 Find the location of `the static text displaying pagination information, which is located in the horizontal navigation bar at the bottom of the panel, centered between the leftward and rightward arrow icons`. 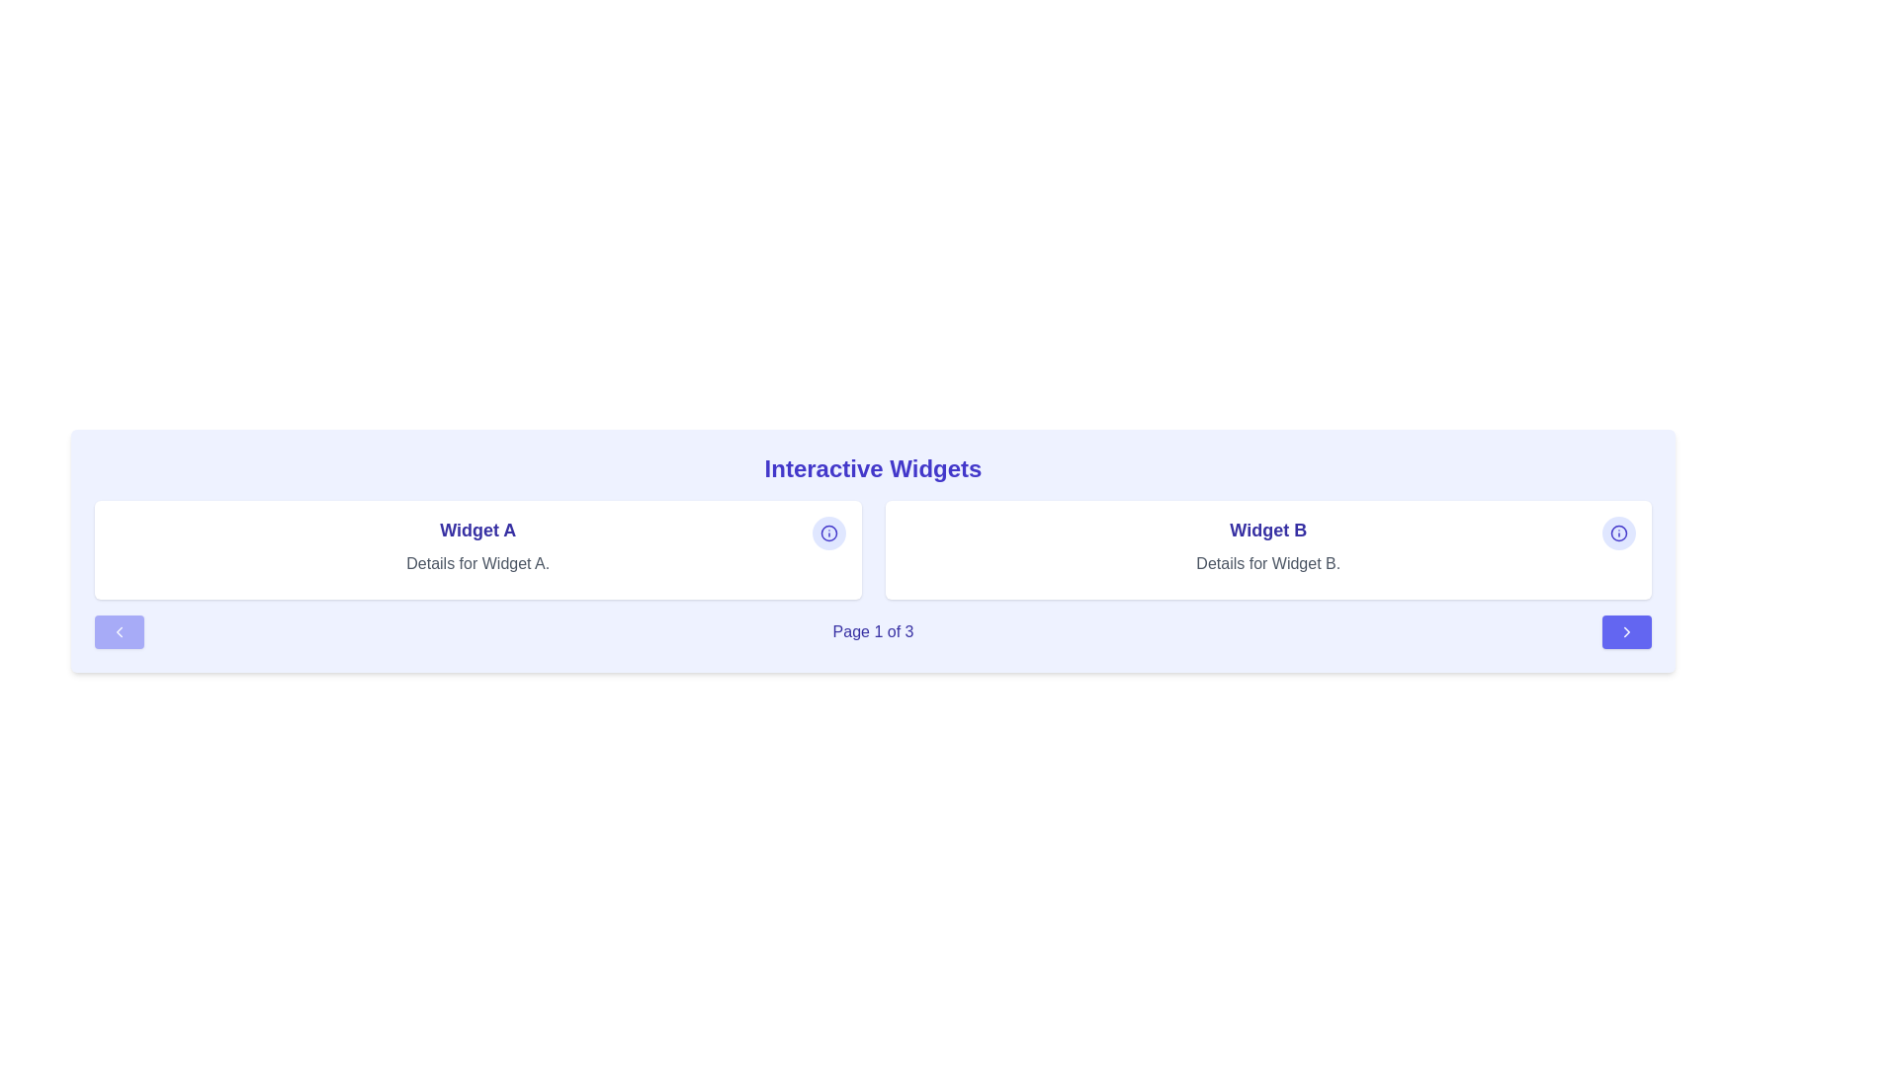

the static text displaying pagination information, which is located in the horizontal navigation bar at the bottom of the panel, centered between the leftward and rightward arrow icons is located at coordinates (872, 632).